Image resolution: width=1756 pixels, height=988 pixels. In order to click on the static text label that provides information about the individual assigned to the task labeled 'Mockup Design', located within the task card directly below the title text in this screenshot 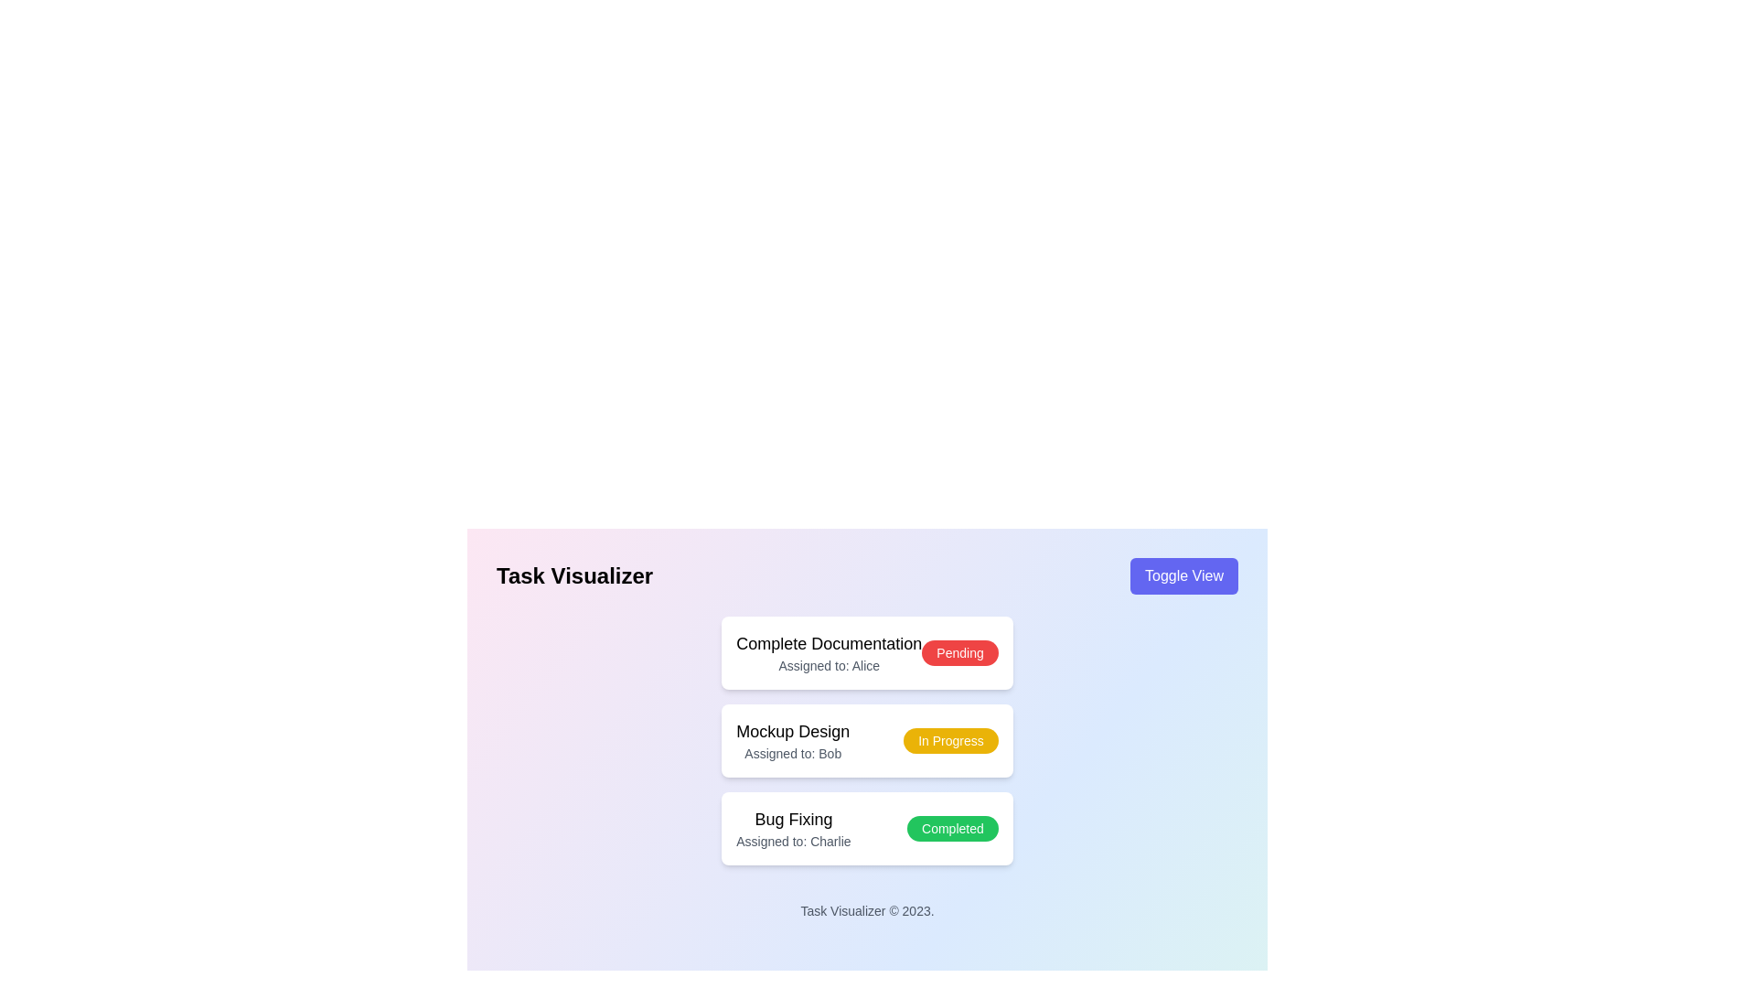, I will do `click(793, 754)`.